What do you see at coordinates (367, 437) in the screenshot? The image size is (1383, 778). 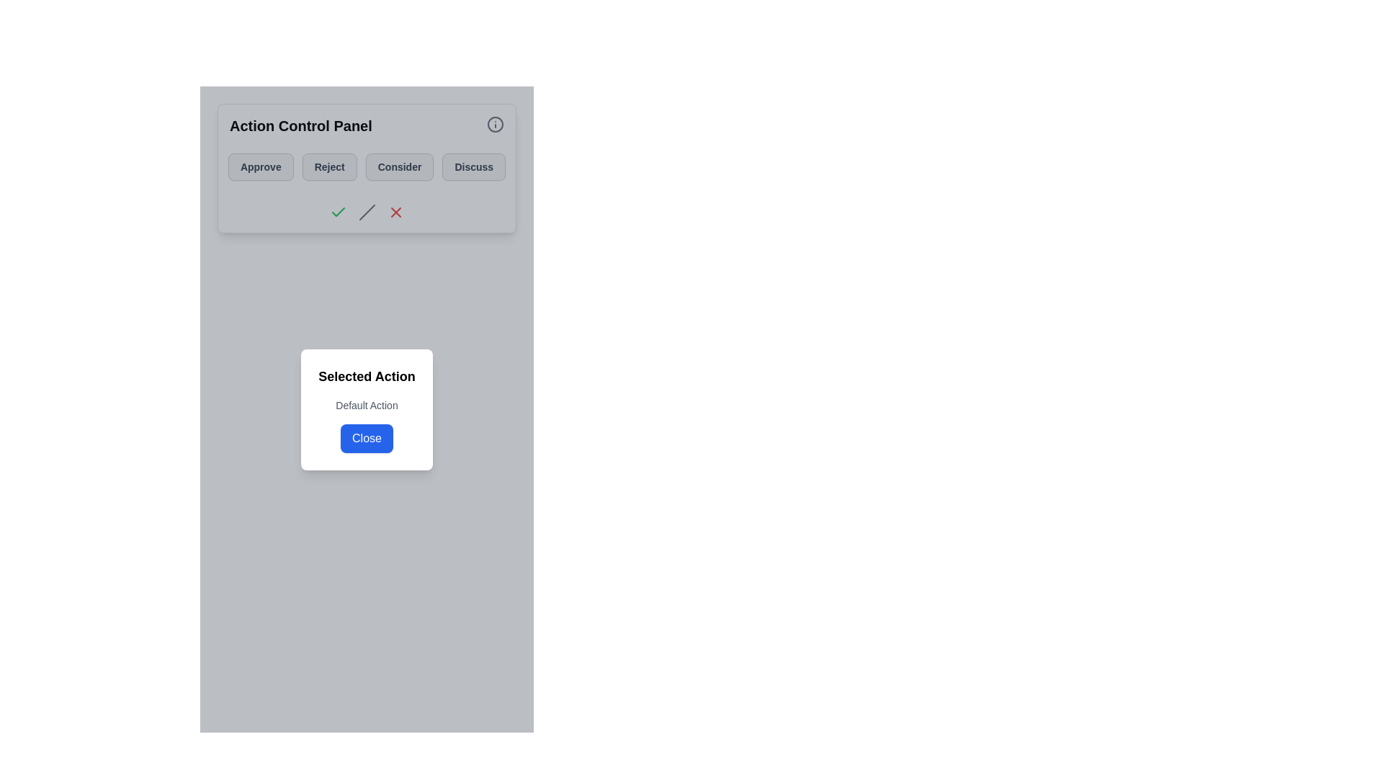 I see `the 'Close' button with rounded corners, blue background, and white text` at bounding box center [367, 437].